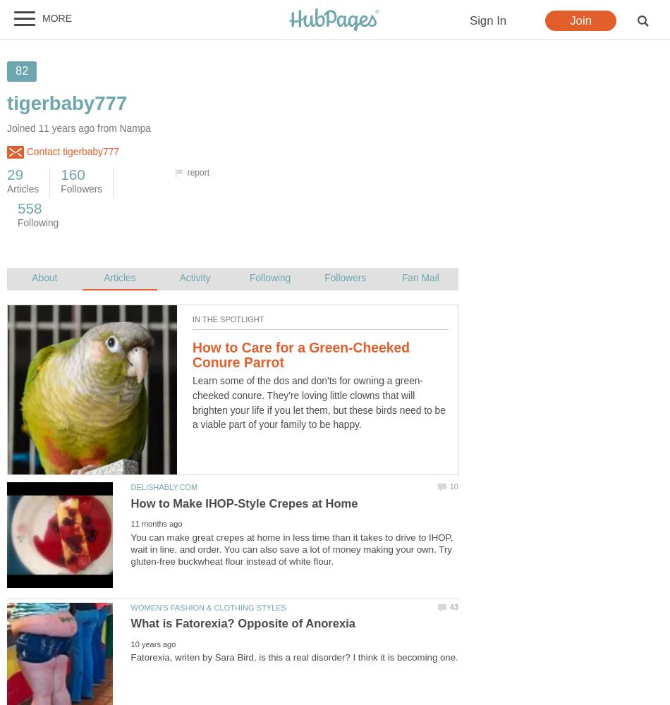 This screenshot has height=705, width=670. Describe the element at coordinates (152, 644) in the screenshot. I see `'10 years ago'` at that location.